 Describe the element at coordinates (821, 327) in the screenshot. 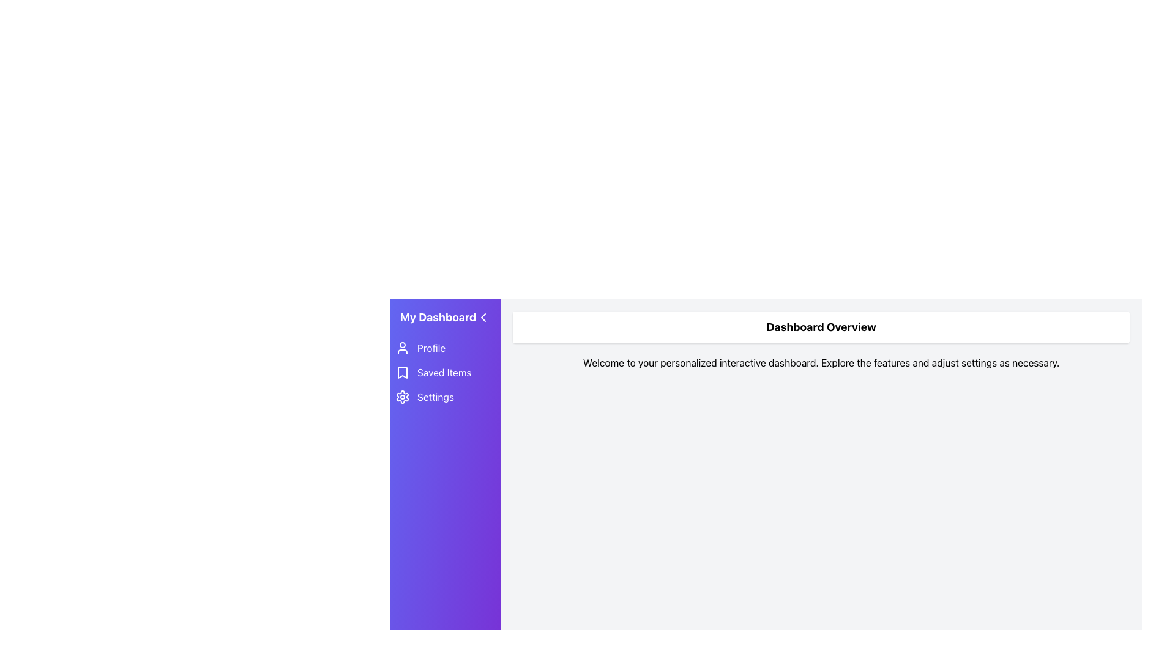

I see `the bold text label 'Dashboard Overview' which is styled for emphasis and centrally located in the main dashboard content area` at that location.